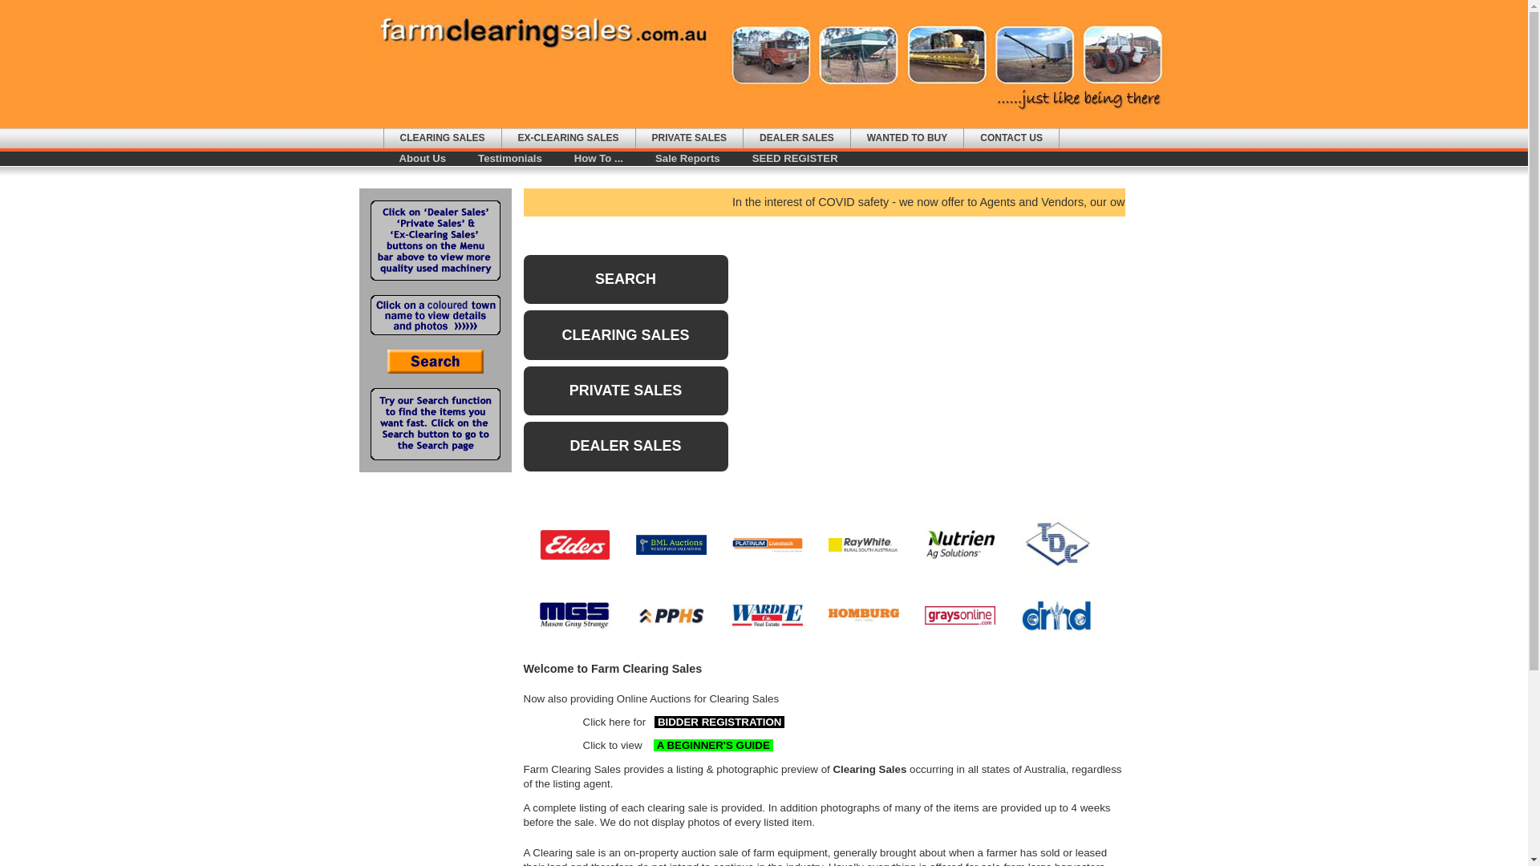 This screenshot has width=1540, height=866. I want to click on 'Sale Reports', so click(687, 158).